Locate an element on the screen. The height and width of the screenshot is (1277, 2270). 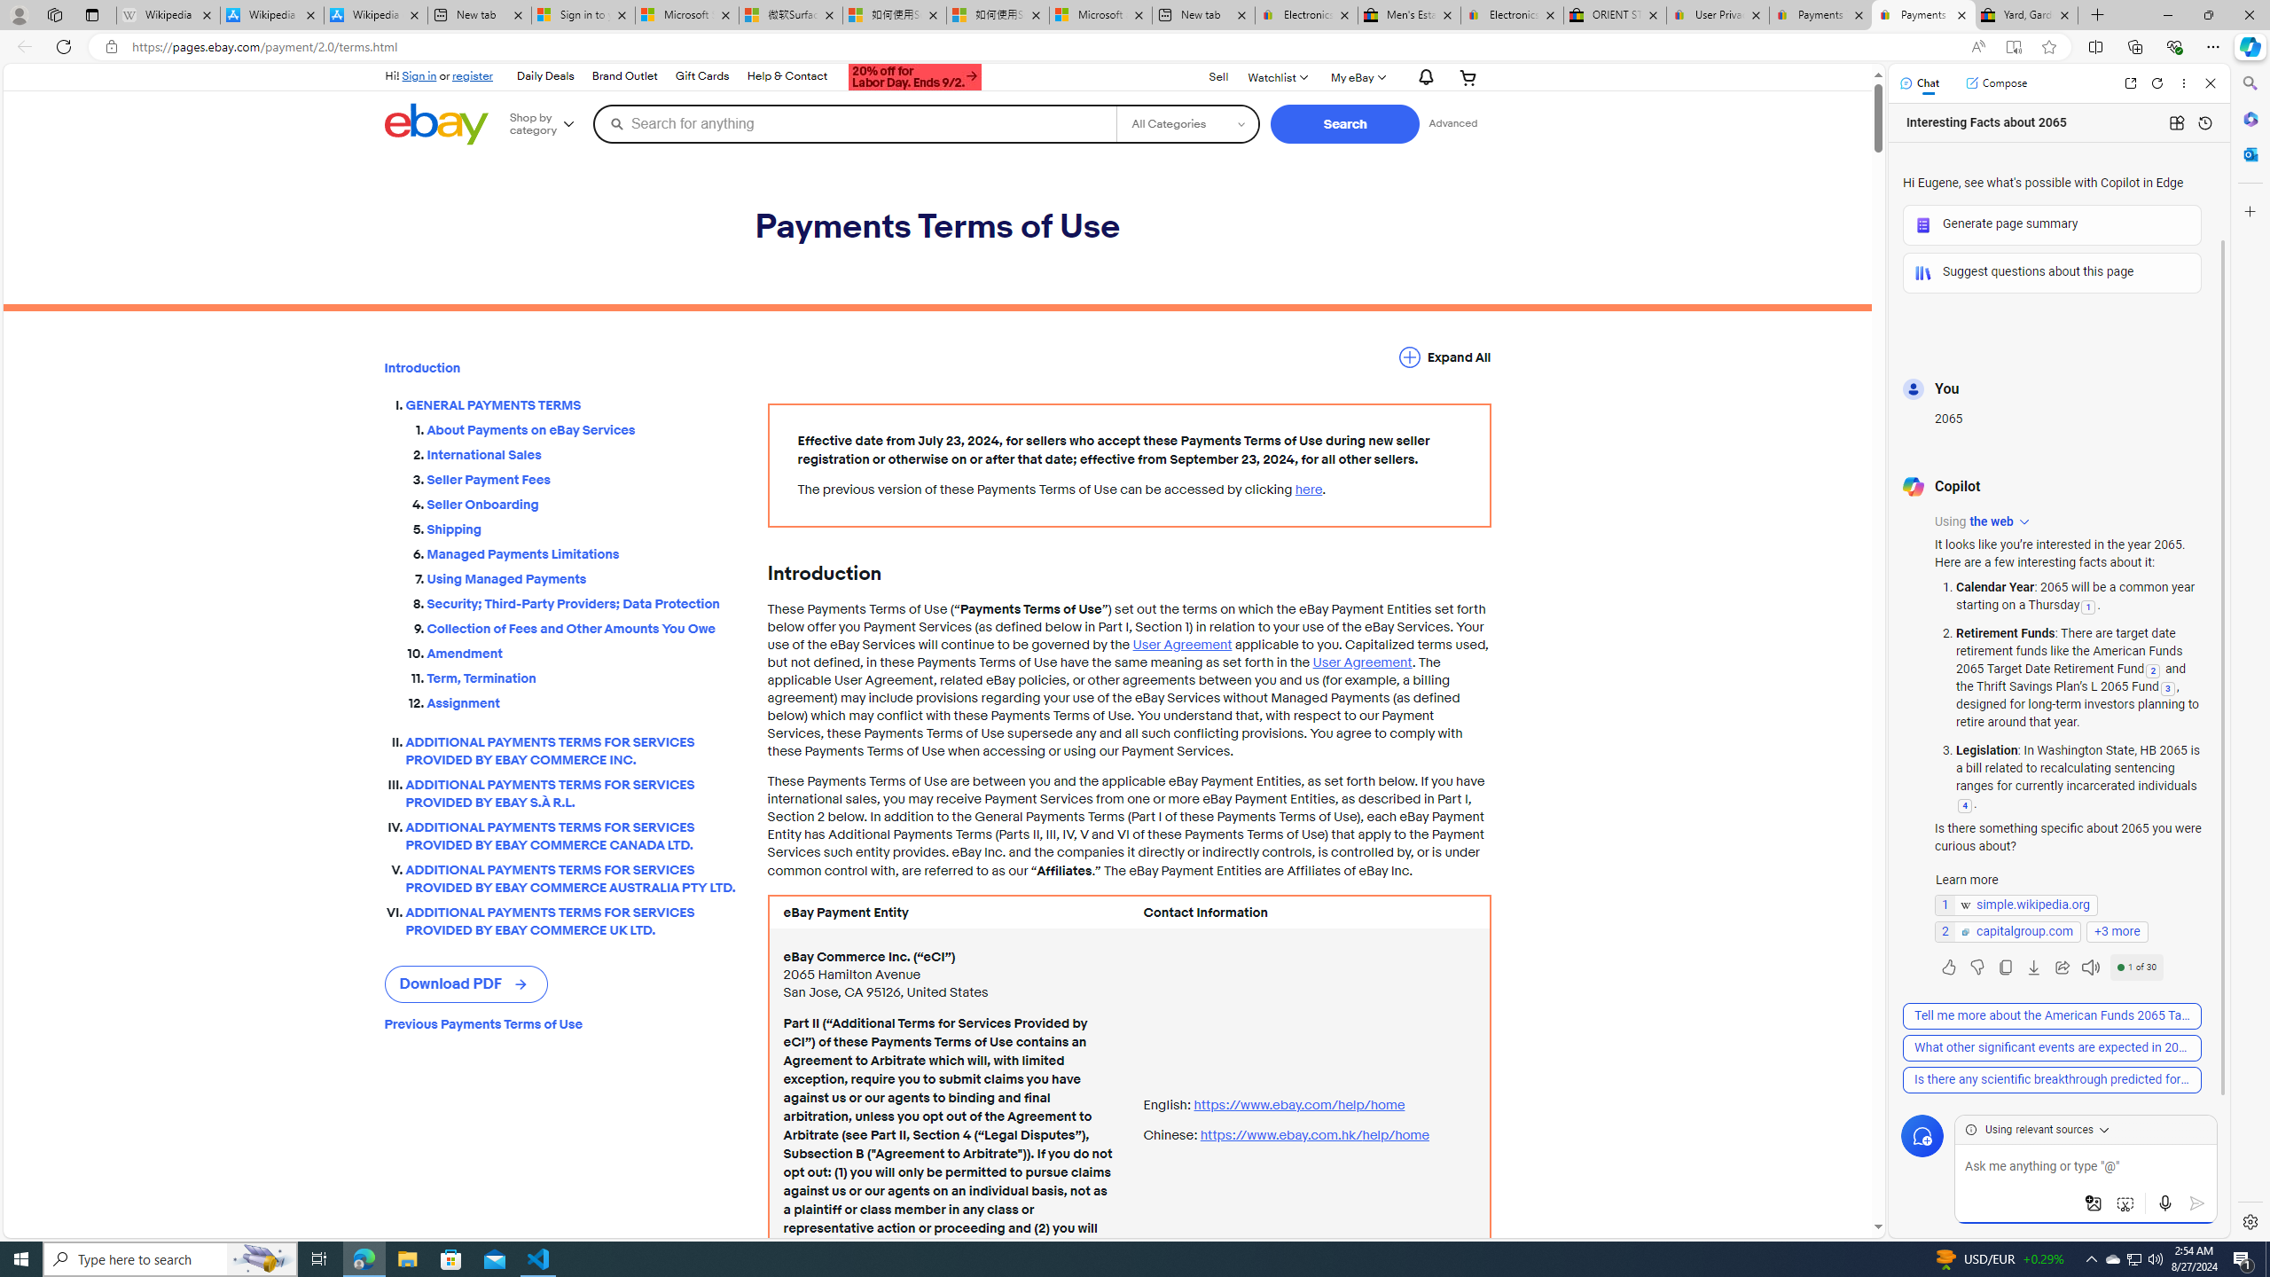
'International Sales' is located at coordinates (582, 455).